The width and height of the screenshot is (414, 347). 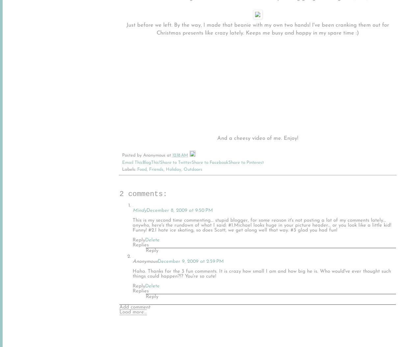 I want to click on 'Just before we left. By the way, I made that beanie with my own two hands! I've been cranking them out for Christmas presents like crazy lately. Keeps me busy and happy in my spare time :)', so click(x=257, y=29).